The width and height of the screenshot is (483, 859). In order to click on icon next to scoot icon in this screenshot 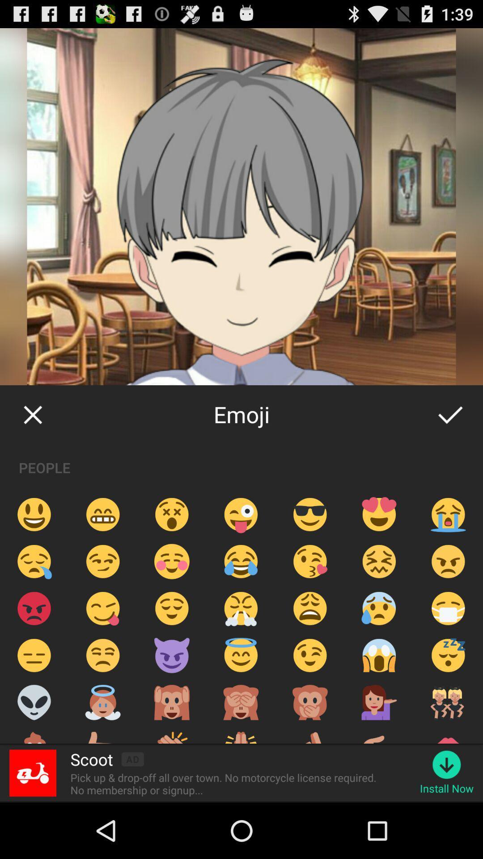, I will do `click(132, 759)`.